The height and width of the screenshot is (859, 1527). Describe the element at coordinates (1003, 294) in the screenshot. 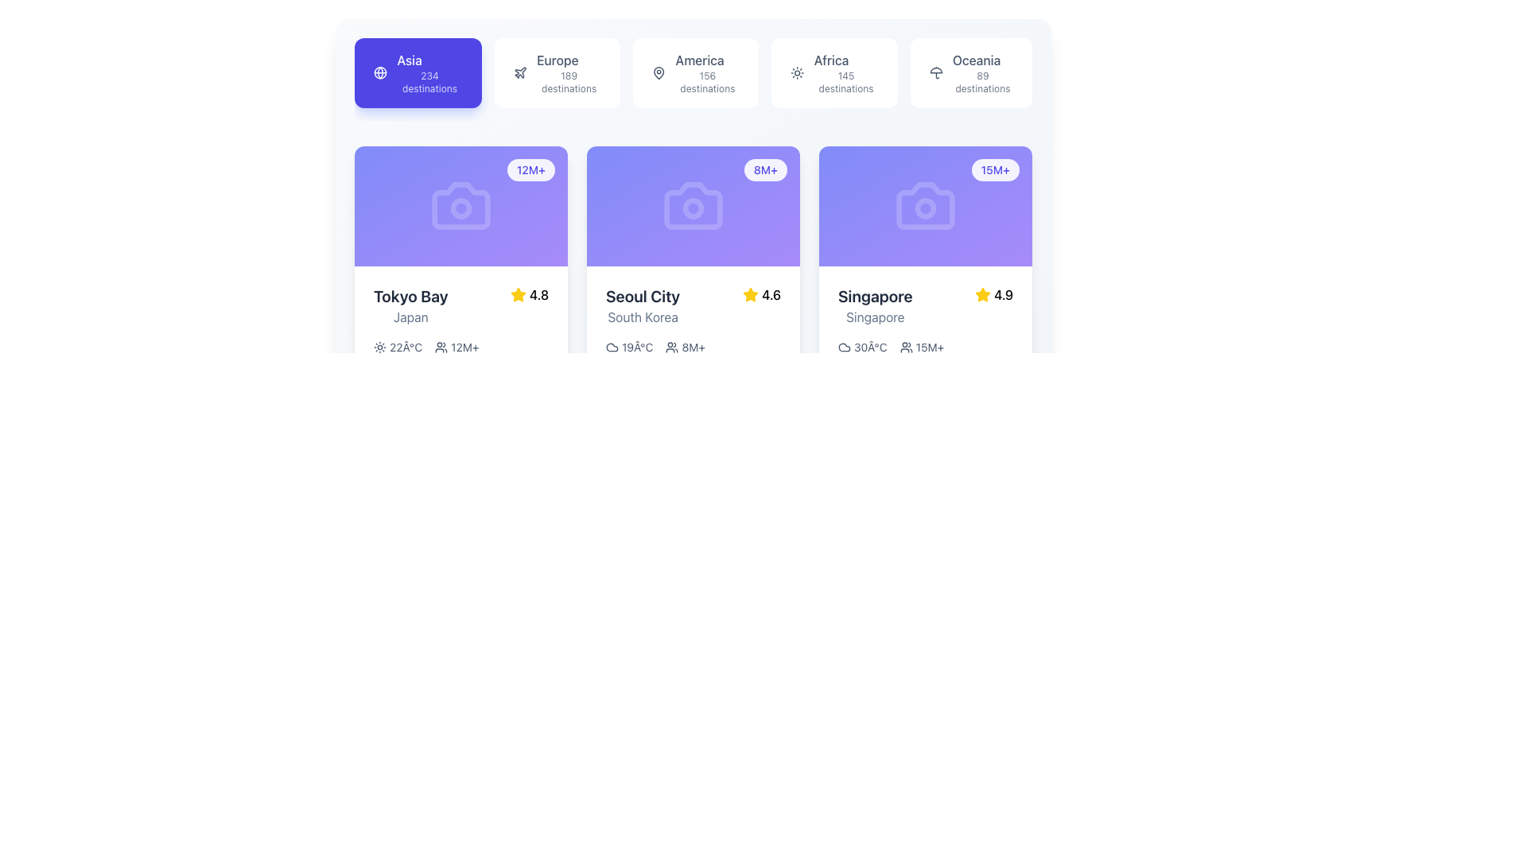

I see `the text label displaying the rating value '4.9' located within the 'Singapore' card adjacent to the yellow star icon` at that location.